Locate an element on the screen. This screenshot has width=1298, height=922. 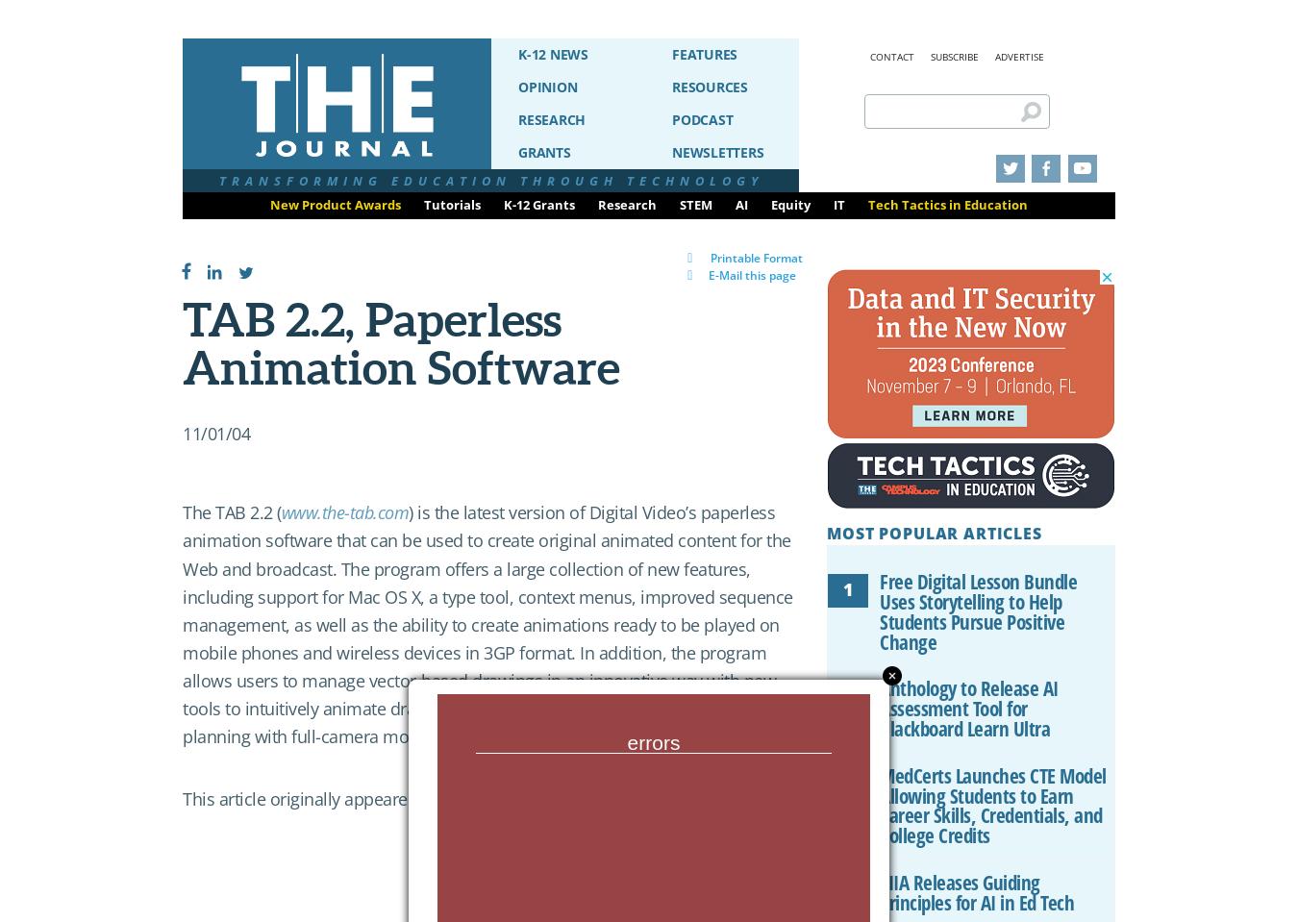
'K-12 Grants' is located at coordinates (538, 204).